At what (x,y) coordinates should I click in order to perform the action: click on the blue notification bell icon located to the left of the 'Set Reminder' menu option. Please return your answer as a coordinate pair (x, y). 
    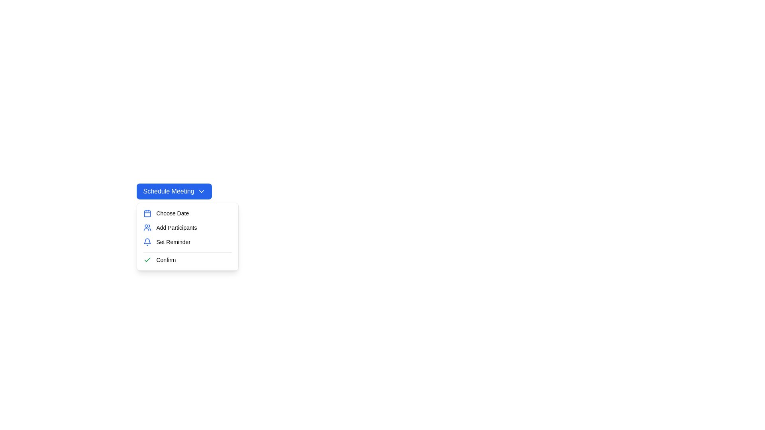
    Looking at the image, I should click on (147, 242).